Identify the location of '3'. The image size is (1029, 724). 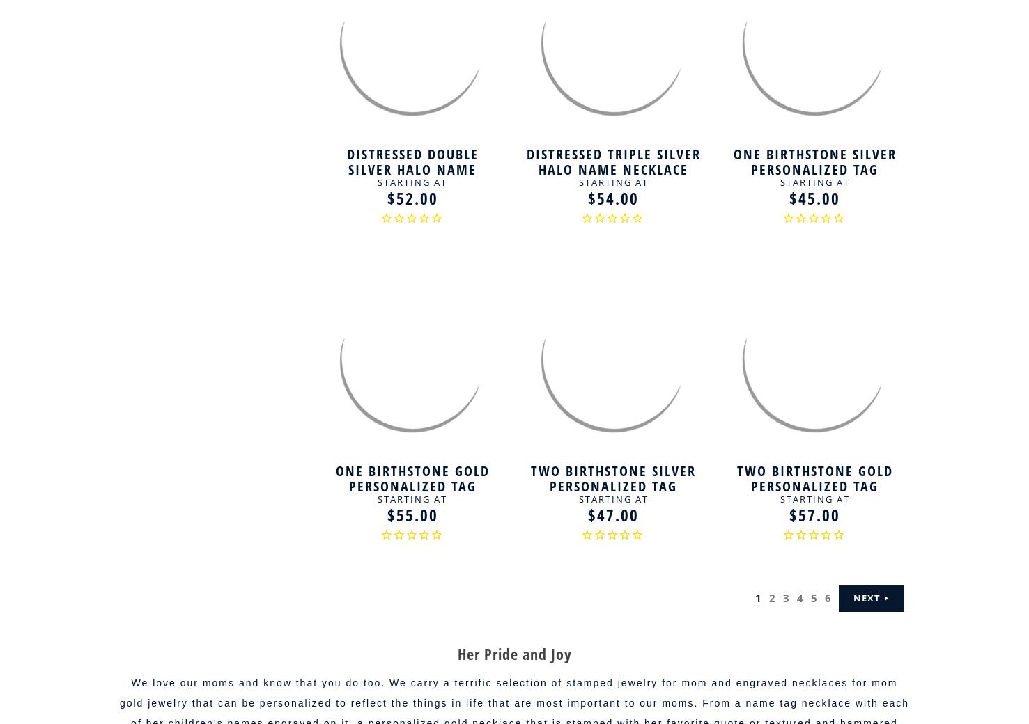
(787, 597).